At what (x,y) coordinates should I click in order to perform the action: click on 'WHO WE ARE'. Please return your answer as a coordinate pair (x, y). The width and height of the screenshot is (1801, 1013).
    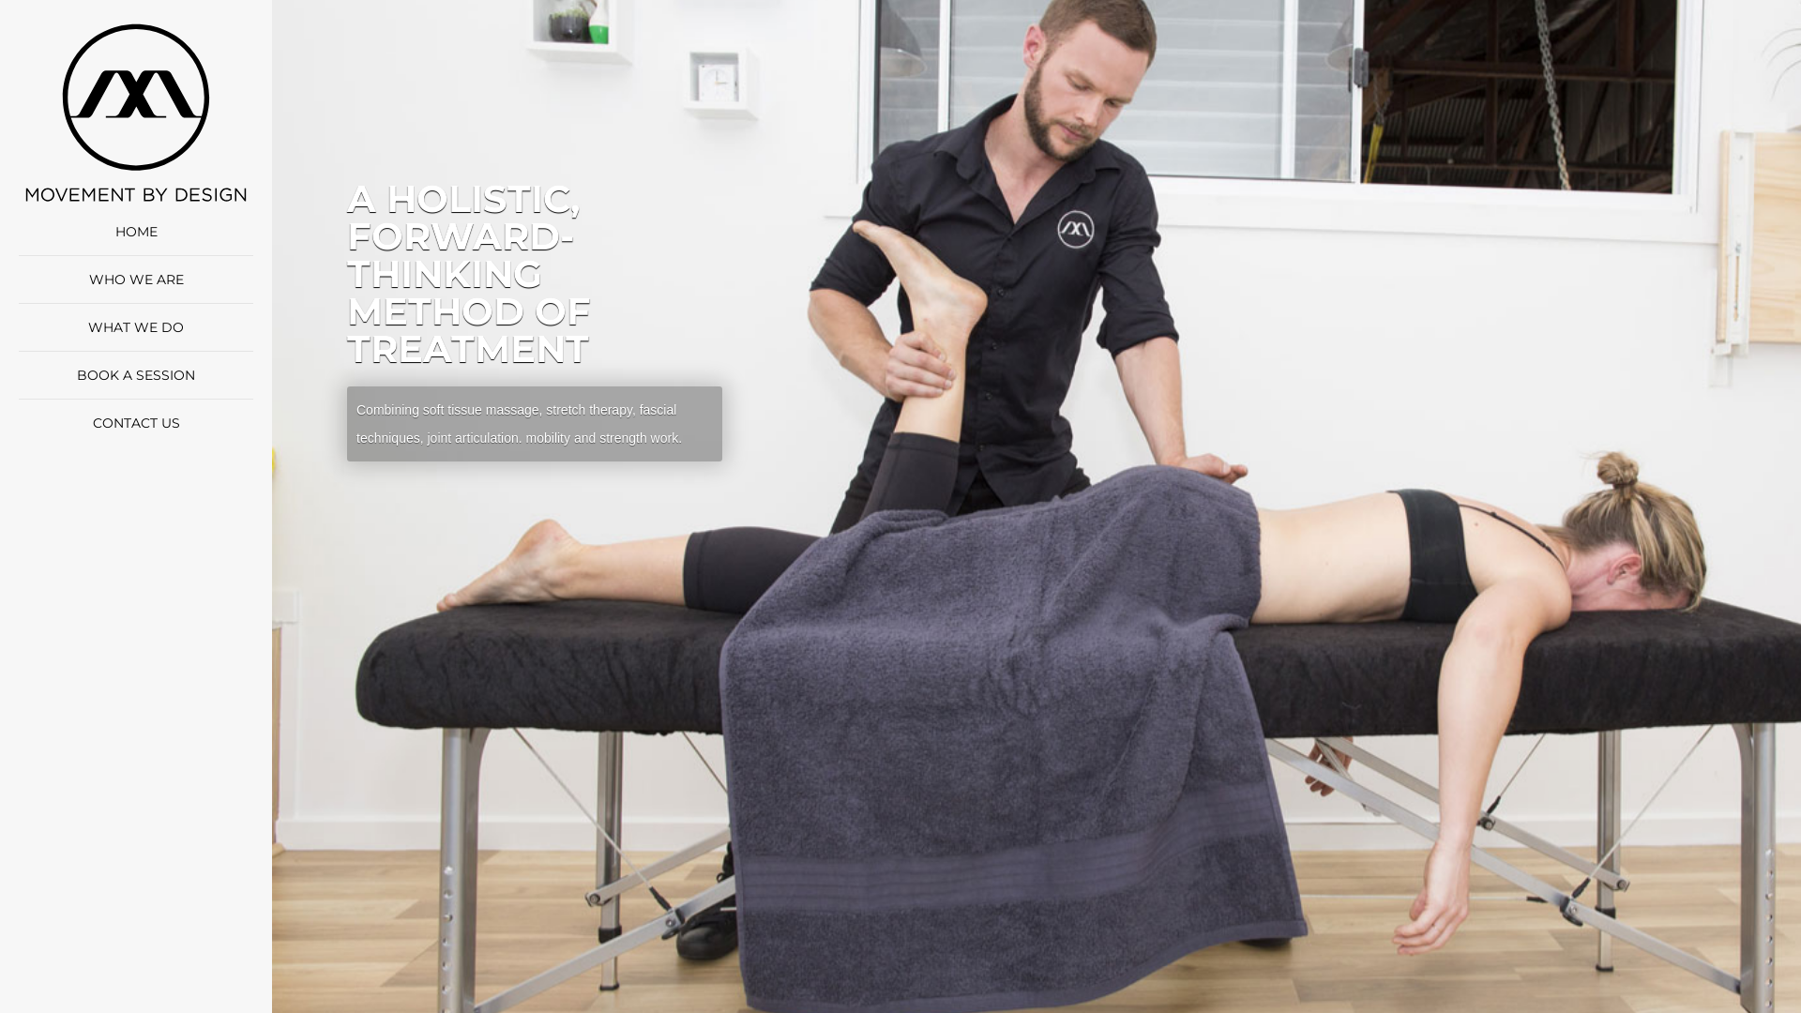
    Looking at the image, I should click on (134, 279).